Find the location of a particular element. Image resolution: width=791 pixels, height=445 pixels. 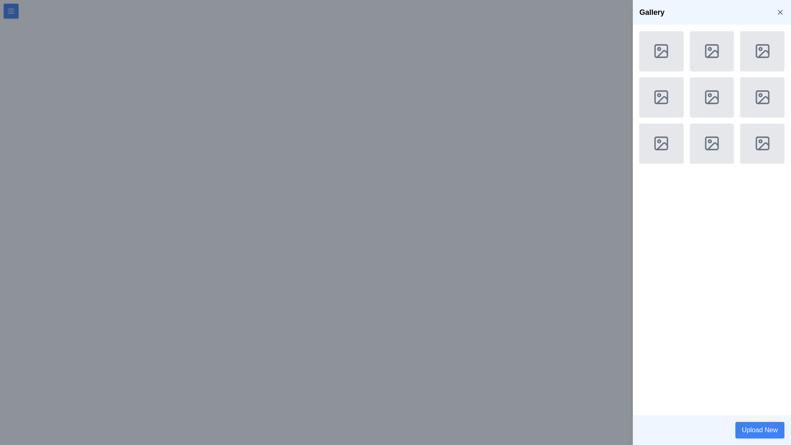

the image placeholder icon located is located at coordinates (711, 143).